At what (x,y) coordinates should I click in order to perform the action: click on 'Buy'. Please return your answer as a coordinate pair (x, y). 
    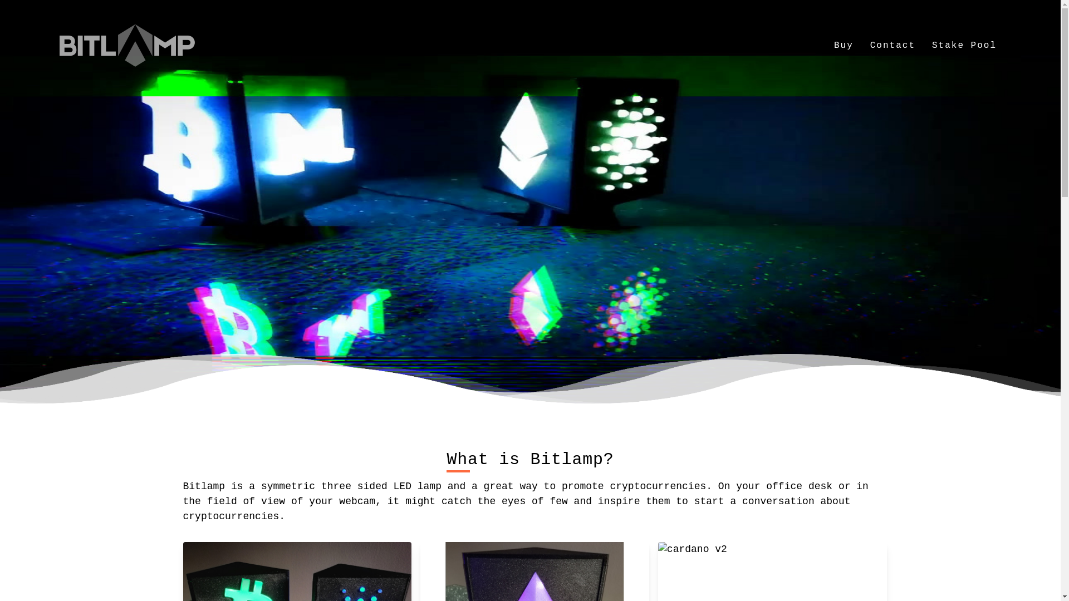
    Looking at the image, I should click on (844, 45).